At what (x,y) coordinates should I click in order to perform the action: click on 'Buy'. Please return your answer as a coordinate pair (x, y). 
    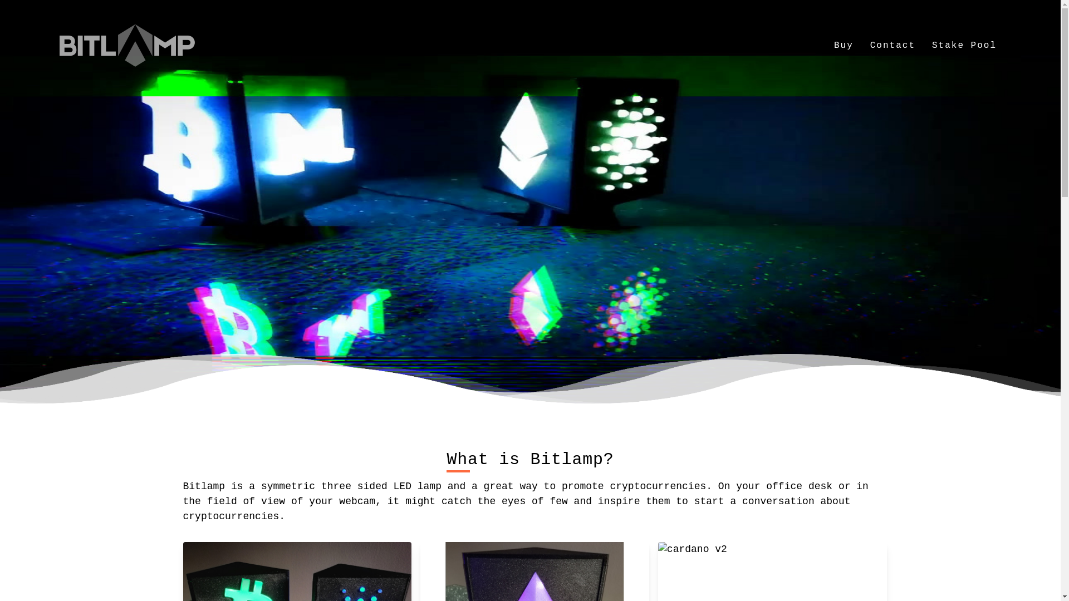
    Looking at the image, I should click on (844, 45).